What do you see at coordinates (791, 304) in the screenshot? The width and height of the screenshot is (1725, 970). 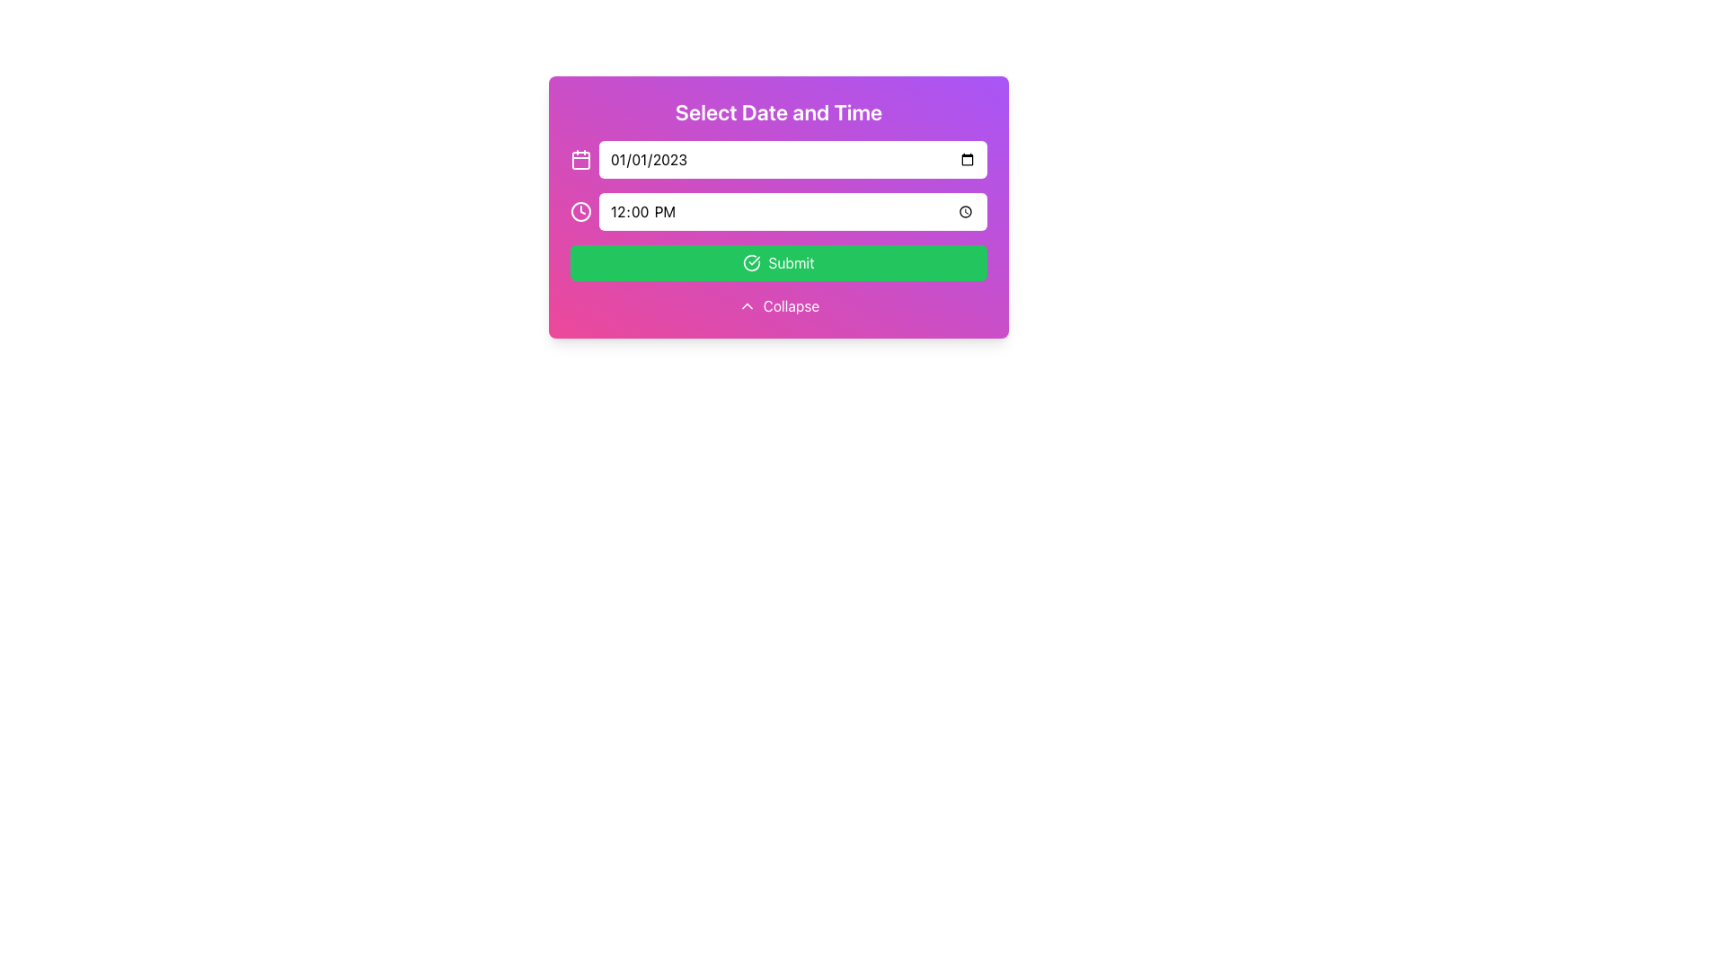 I see `the 'Collapse' text label, which is styled in white on a pink button-like region located at the bottom center of the panel` at bounding box center [791, 304].